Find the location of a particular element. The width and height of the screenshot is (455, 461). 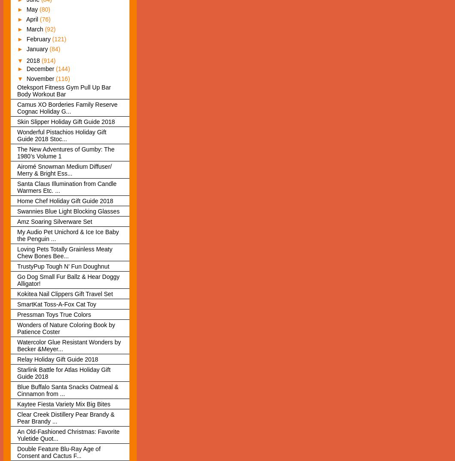

'May' is located at coordinates (32, 9).